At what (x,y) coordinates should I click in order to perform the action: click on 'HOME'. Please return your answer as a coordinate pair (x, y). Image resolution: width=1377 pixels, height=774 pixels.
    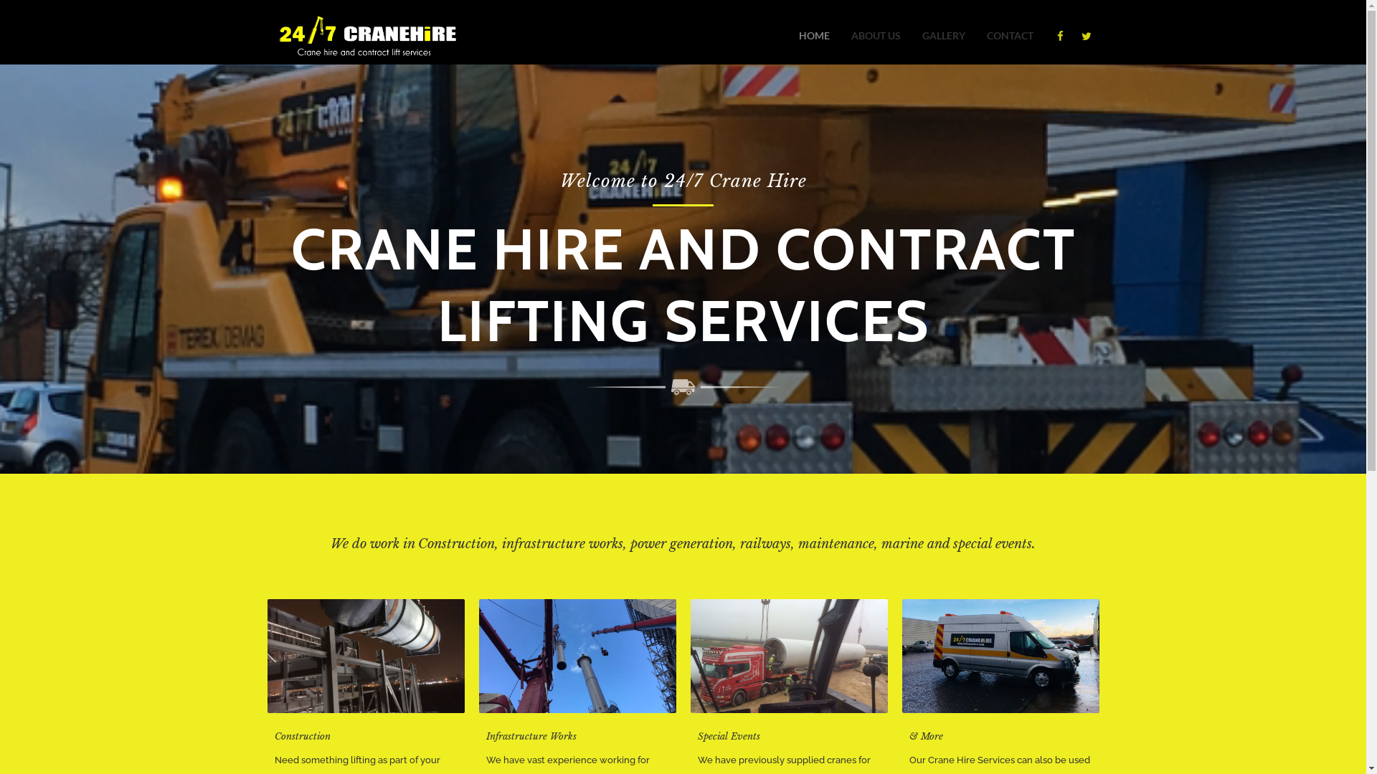
    Looking at the image, I should click on (798, 35).